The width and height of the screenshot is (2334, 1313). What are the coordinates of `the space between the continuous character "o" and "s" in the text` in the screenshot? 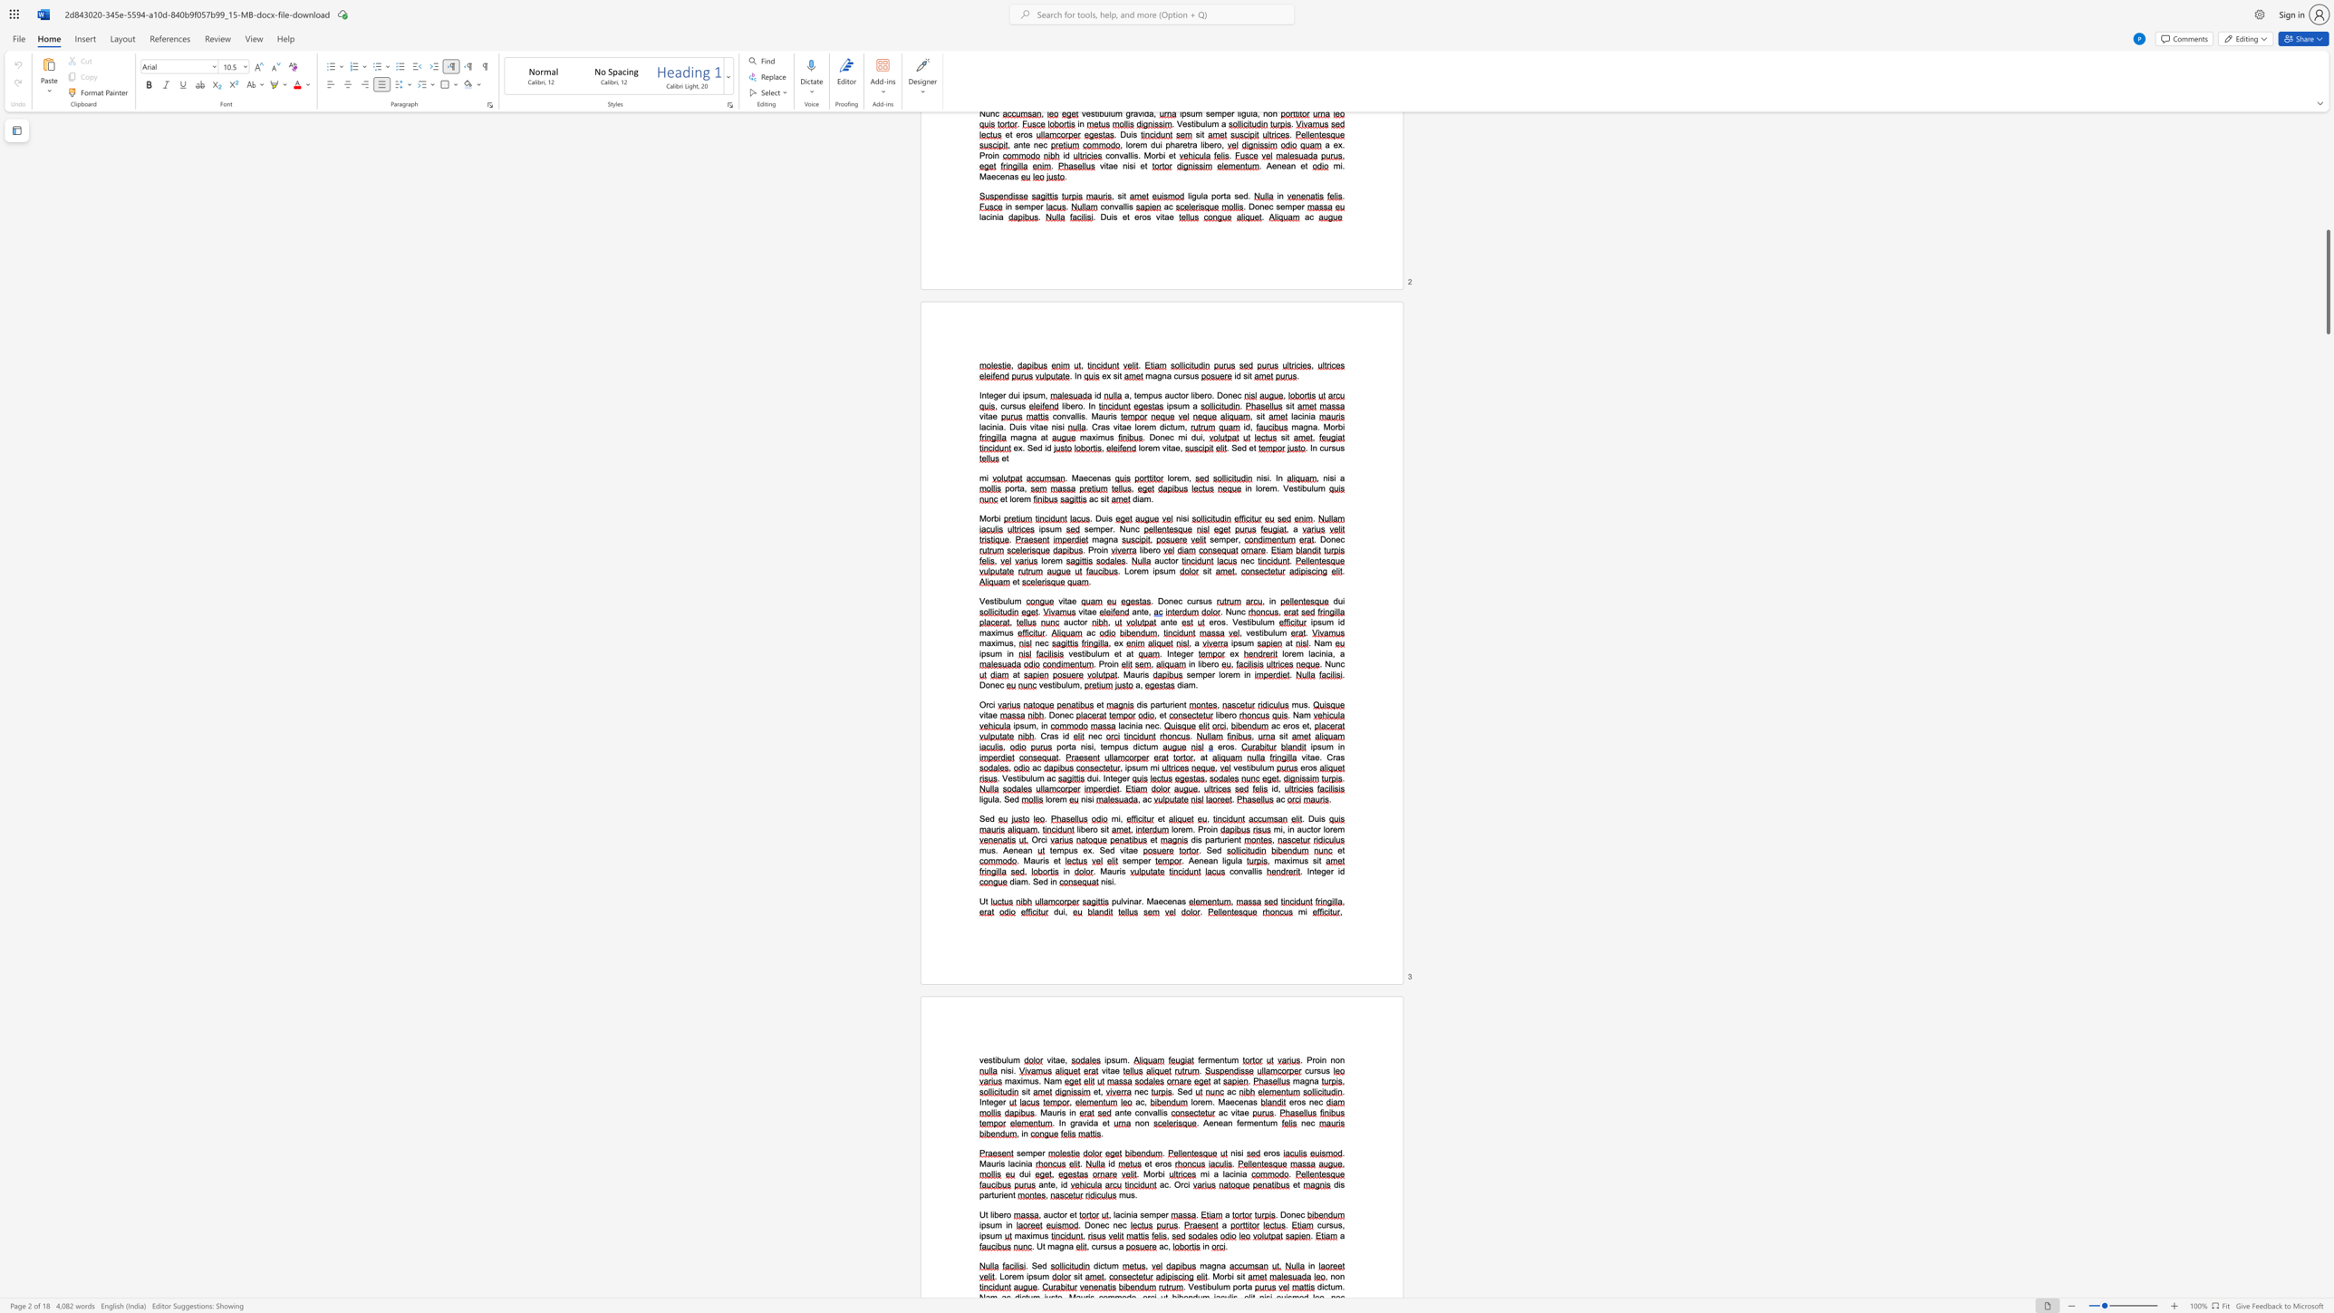 It's located at (1294, 726).